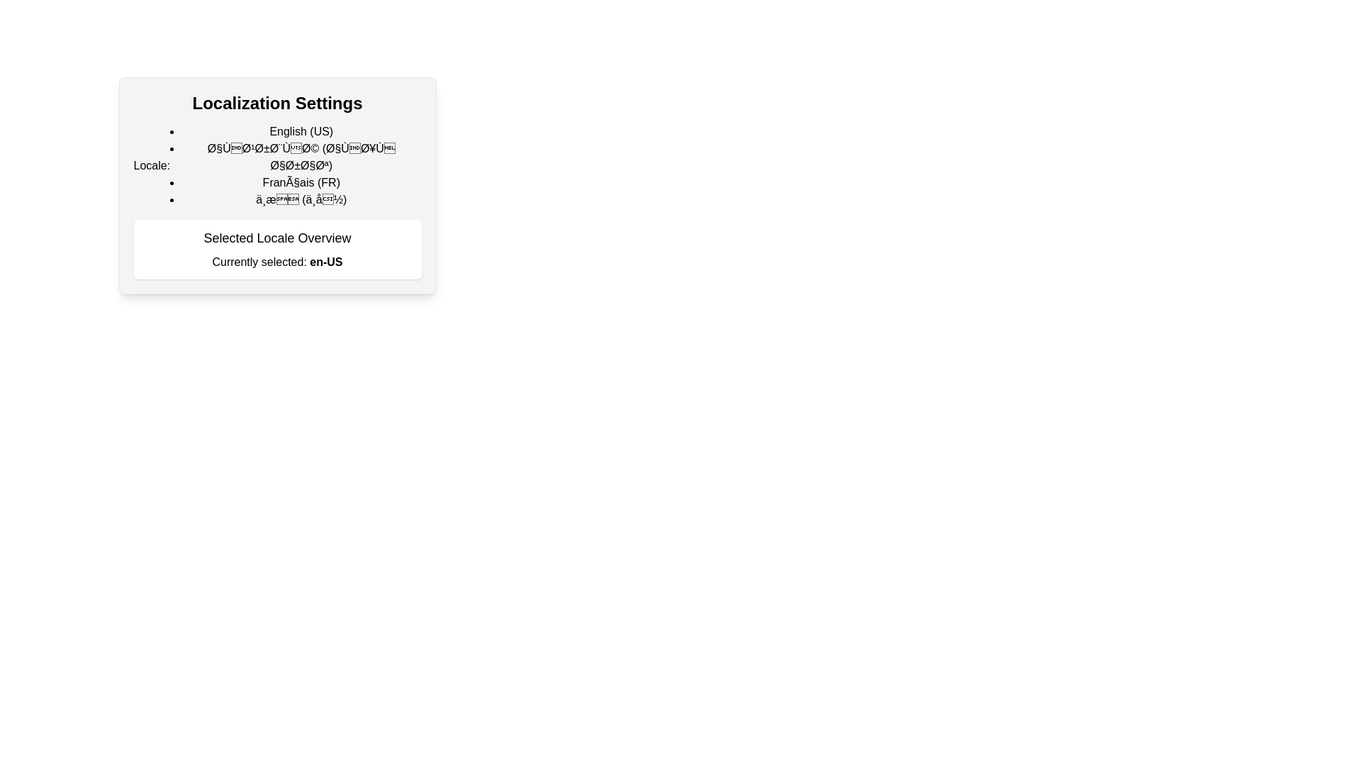 This screenshot has width=1361, height=766. I want to click on text content of the list element displaying languages located below the 'Locale:' title within the 'Localization Settings' card, so click(277, 165).